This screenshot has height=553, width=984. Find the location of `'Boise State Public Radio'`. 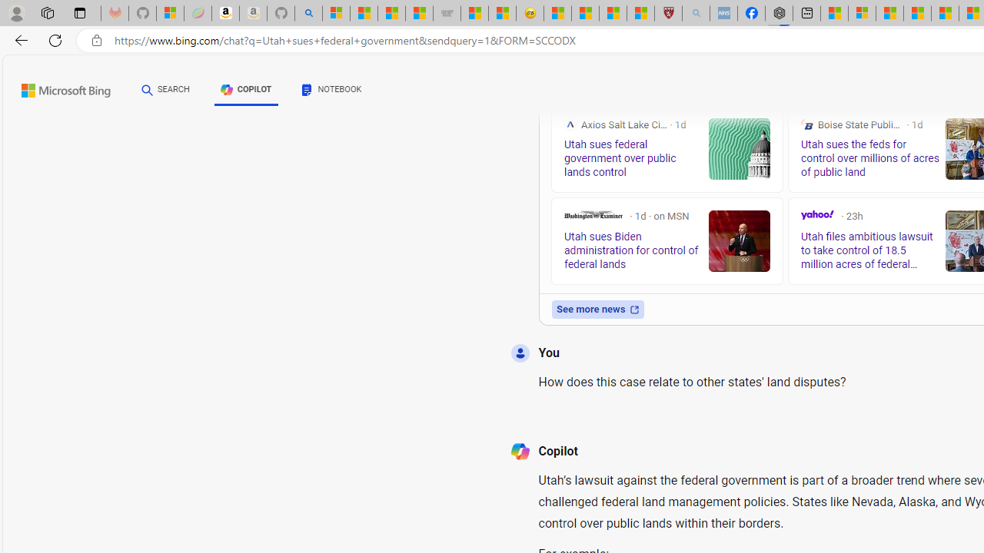

'Boise State Public Radio' is located at coordinates (806, 124).